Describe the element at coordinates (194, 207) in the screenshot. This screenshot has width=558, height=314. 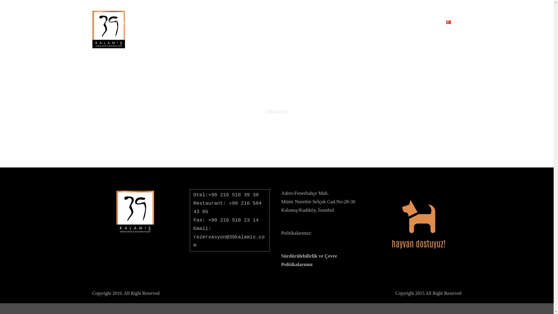
I see `' +90 216 504 43 05'` at that location.